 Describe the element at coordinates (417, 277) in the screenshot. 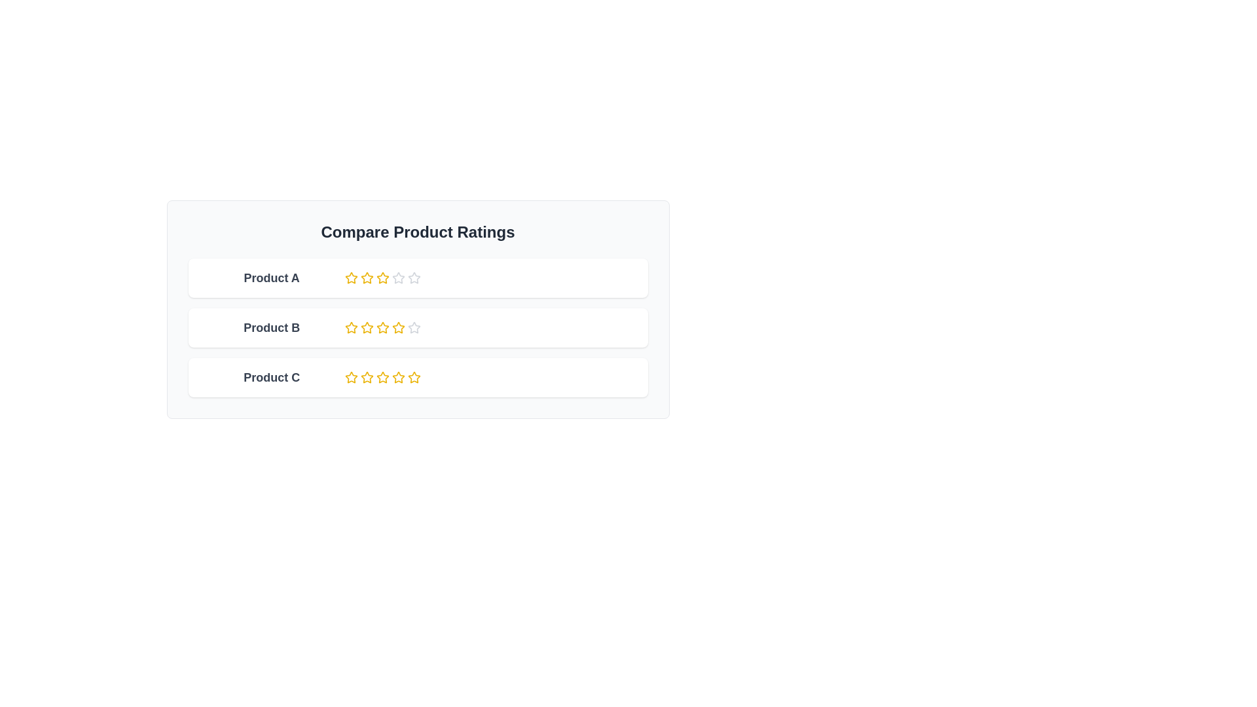

I see `the Rating display for 'Product A' located in the top rating row, visually represented by mixed colors in the stars` at that location.